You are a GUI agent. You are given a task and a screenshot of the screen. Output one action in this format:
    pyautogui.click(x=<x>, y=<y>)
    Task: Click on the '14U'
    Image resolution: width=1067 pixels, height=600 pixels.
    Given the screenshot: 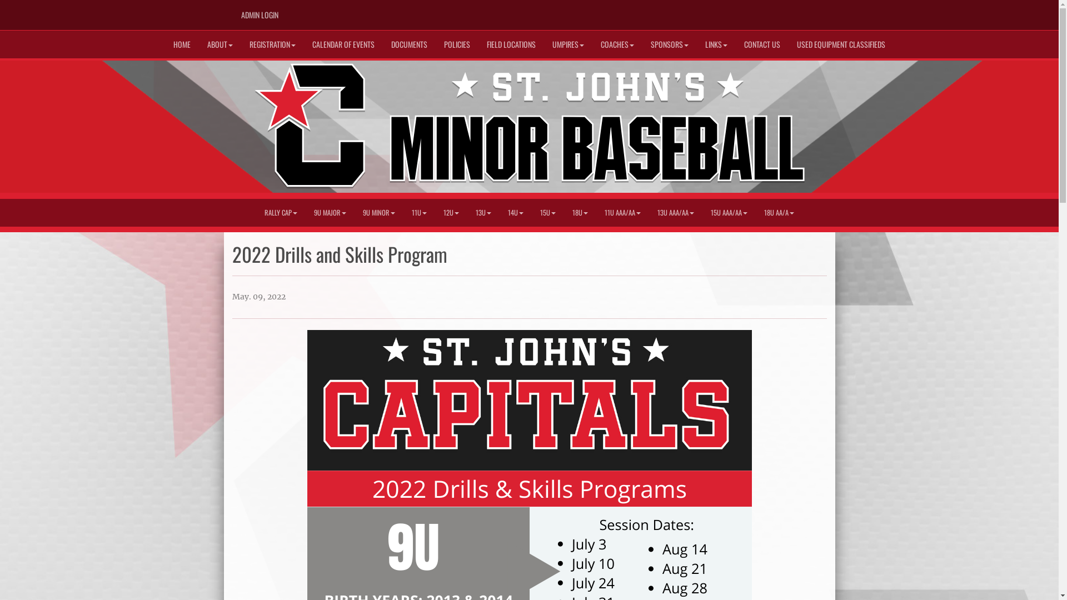 What is the action you would take?
    pyautogui.click(x=515, y=212)
    